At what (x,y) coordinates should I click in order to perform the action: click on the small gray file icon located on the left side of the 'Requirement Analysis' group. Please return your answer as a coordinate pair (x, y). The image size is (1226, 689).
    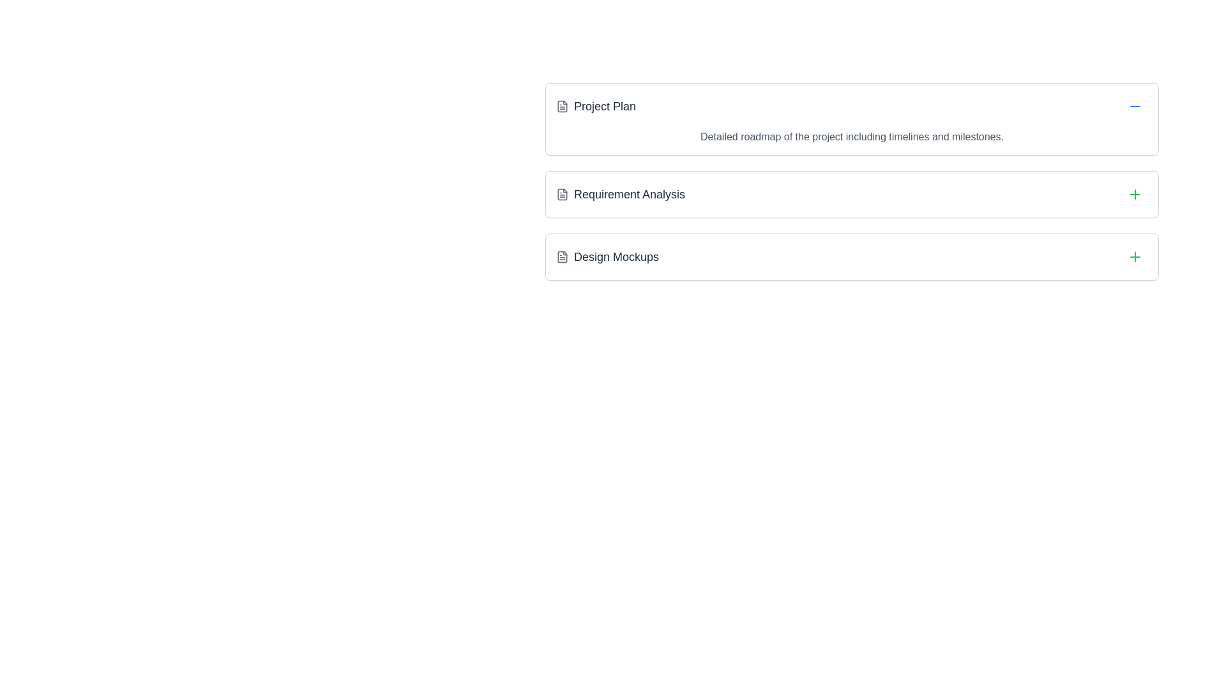
    Looking at the image, I should click on (562, 194).